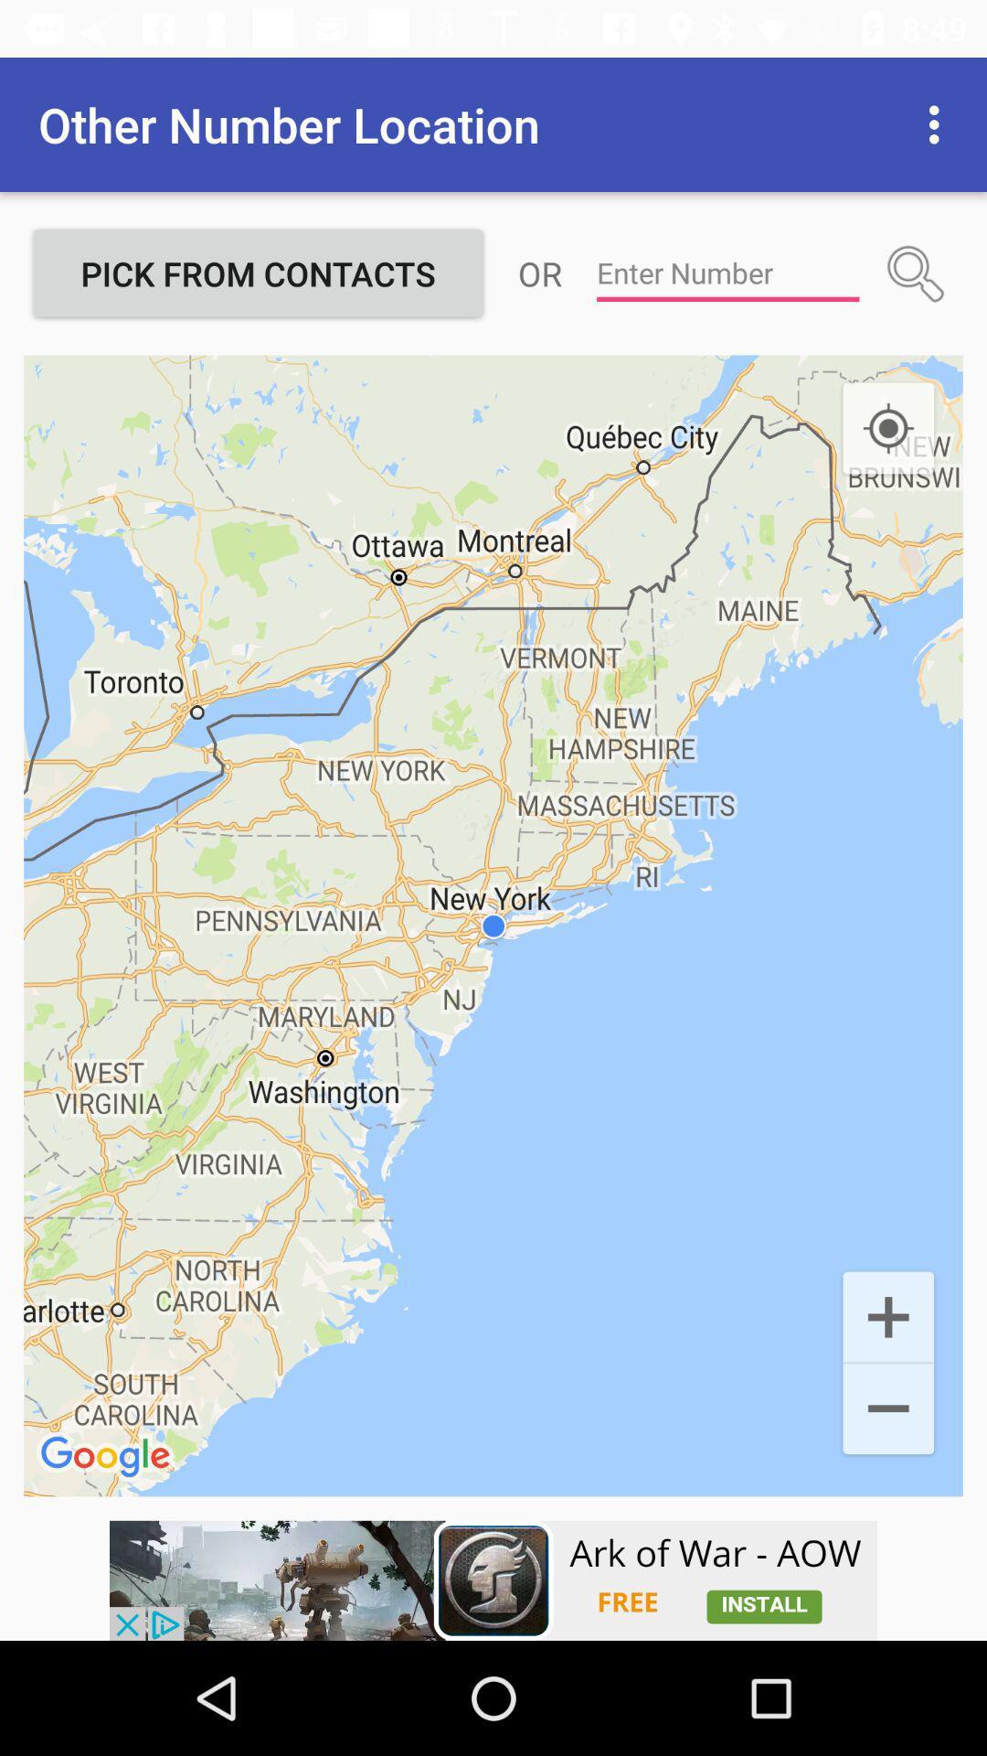 This screenshot has width=987, height=1756. I want to click on search tool, so click(916, 273).